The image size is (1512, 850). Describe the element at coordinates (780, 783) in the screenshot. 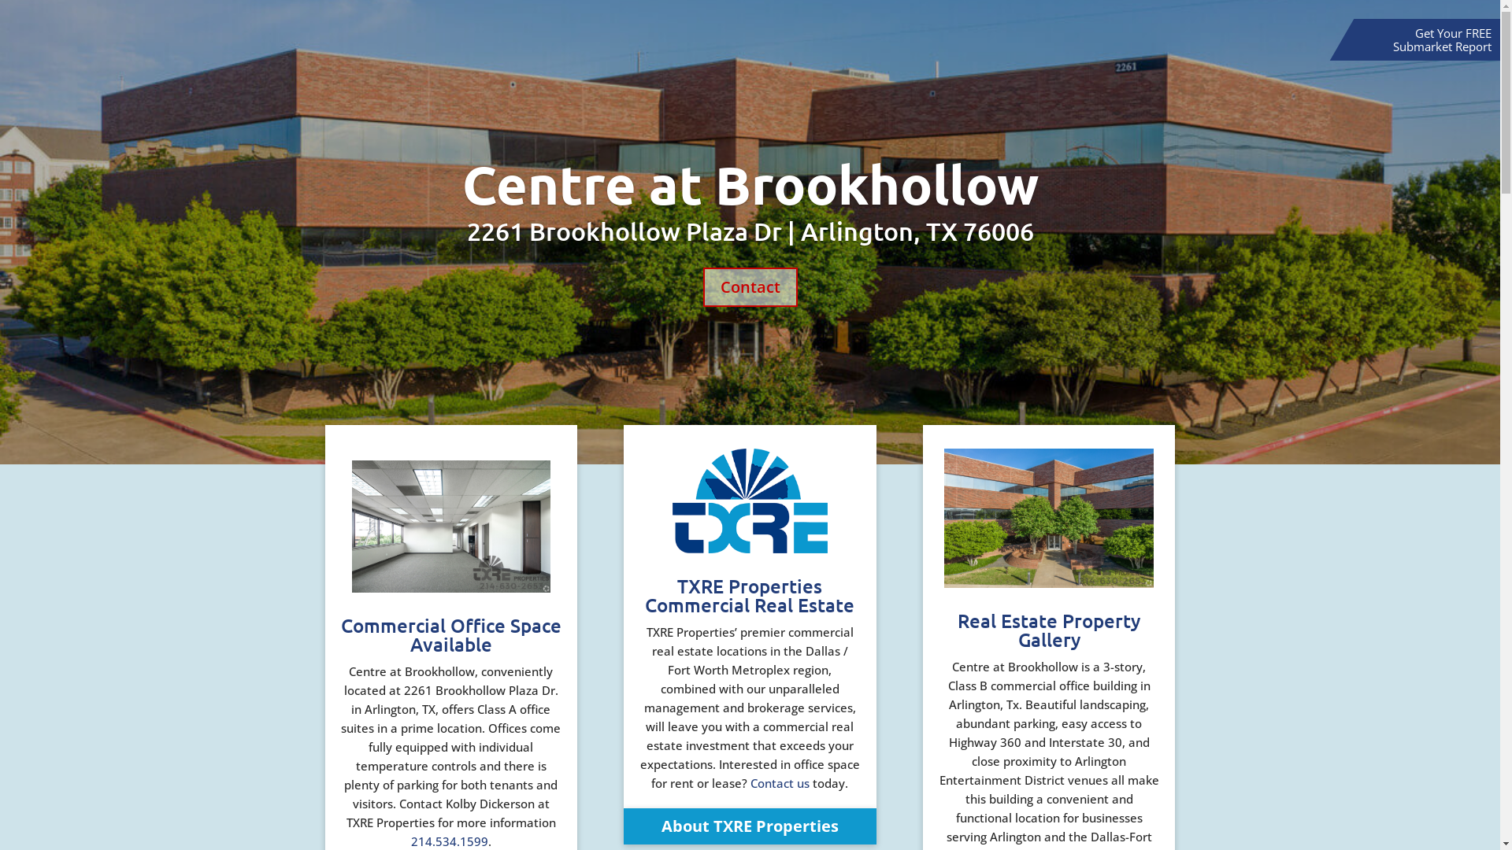

I see `'Contact us'` at that location.